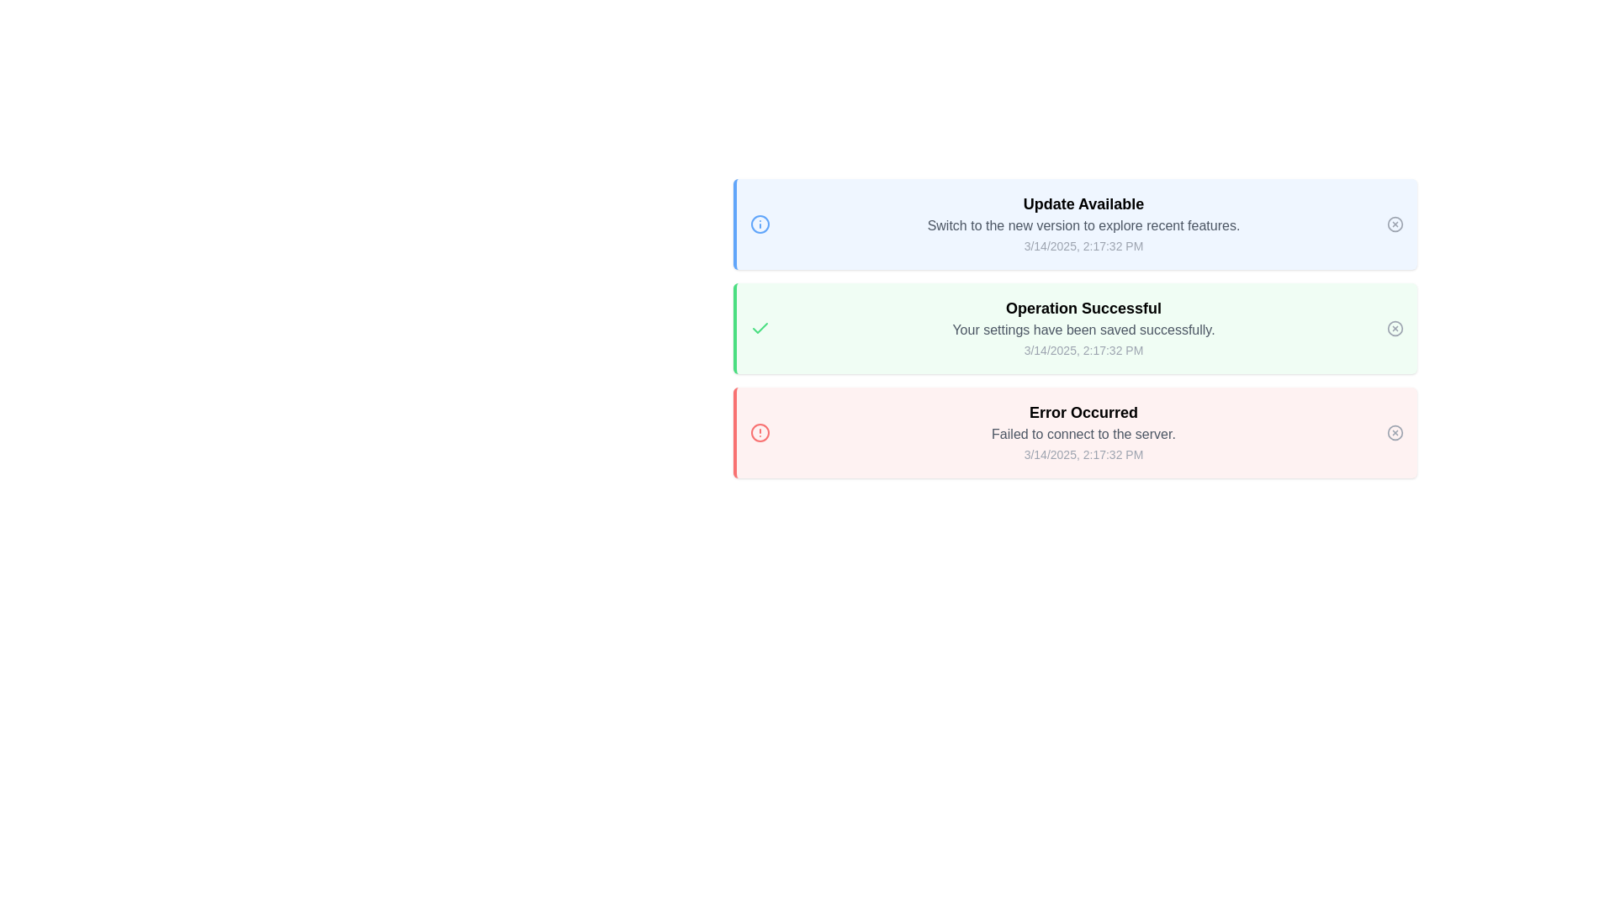 The image size is (1615, 908). I want to click on notification displayed in the feedback notification box, which is the second item in the list of notifications, so click(1074, 328).